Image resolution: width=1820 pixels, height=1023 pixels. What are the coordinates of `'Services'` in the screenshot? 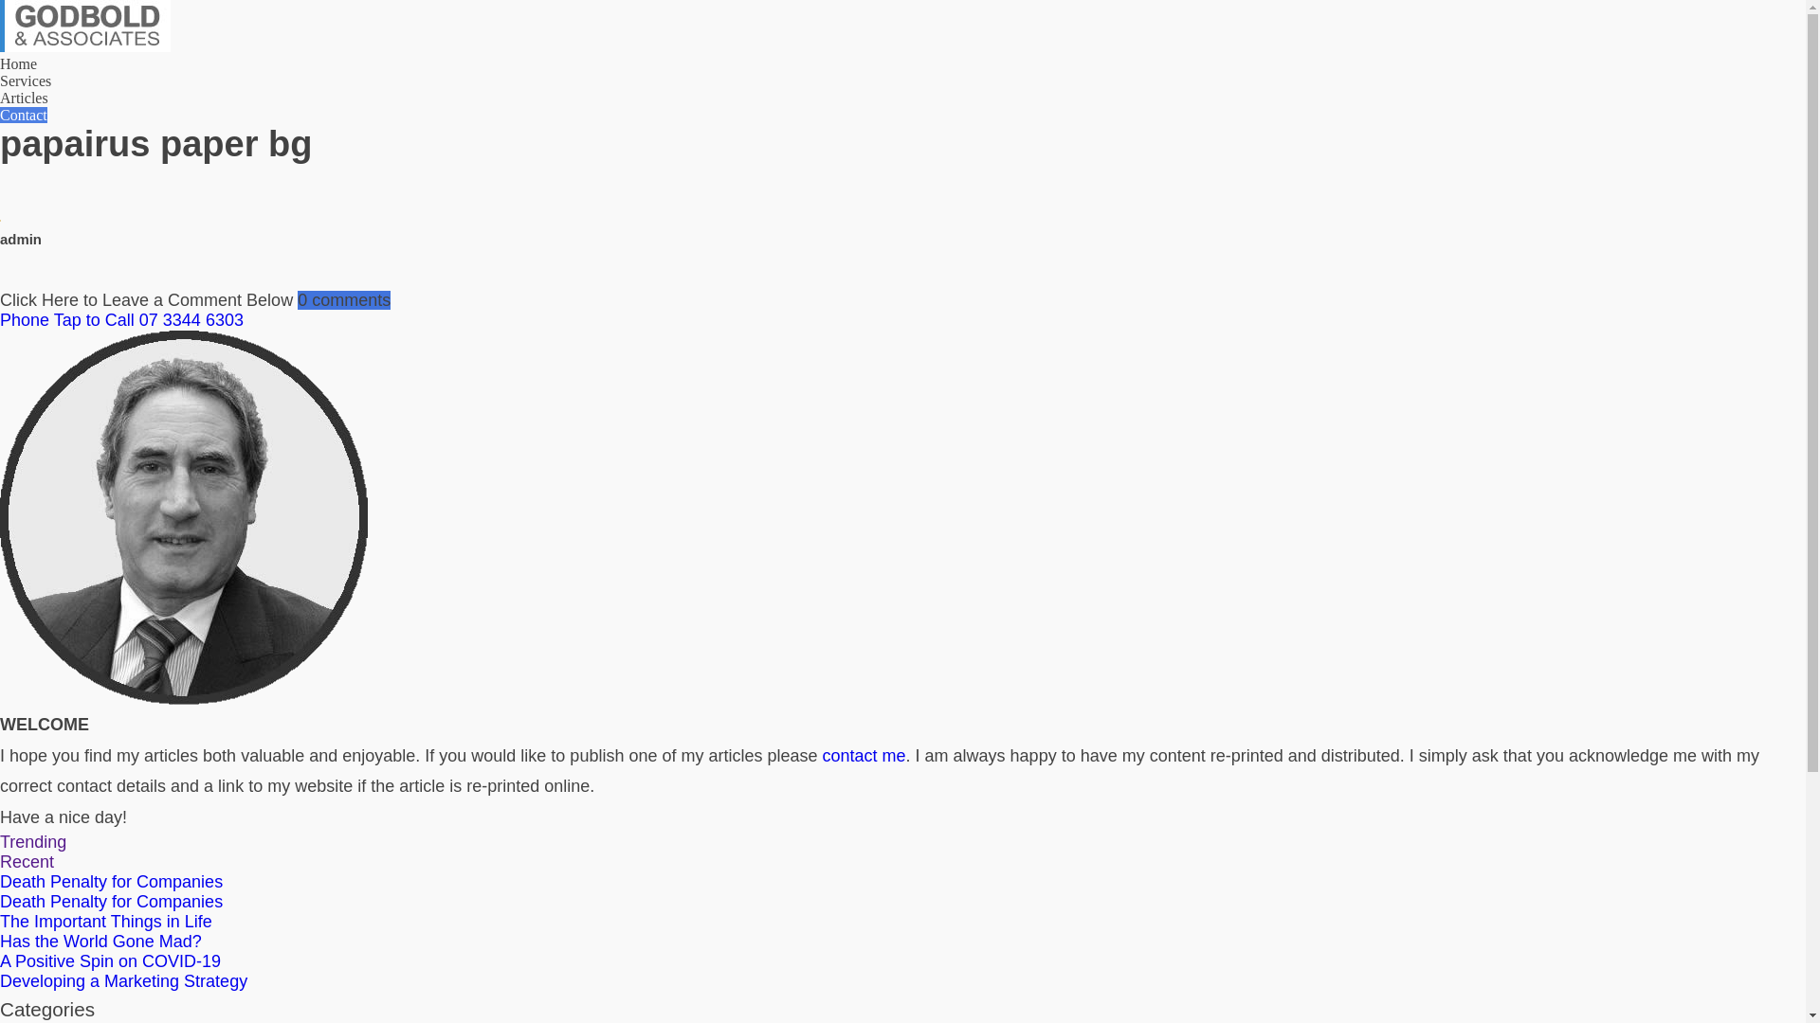 It's located at (26, 80).